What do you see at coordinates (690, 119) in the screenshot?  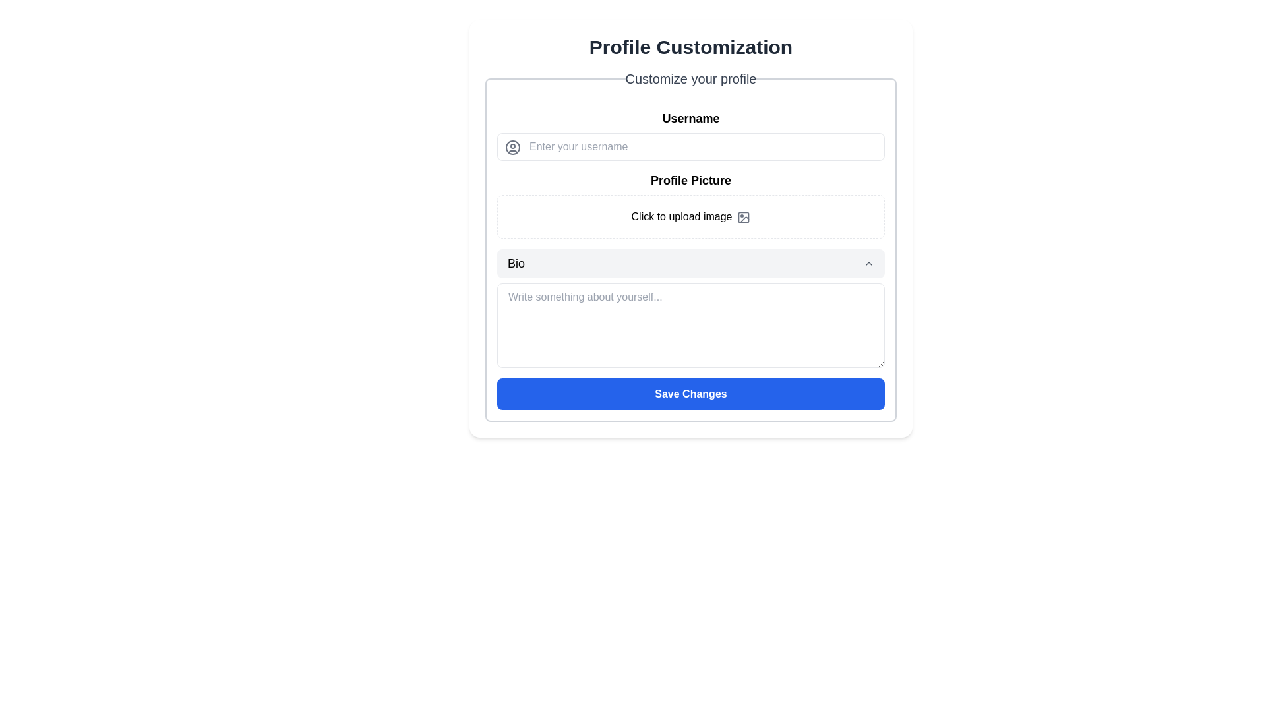 I see `the Text label indicating the username input field, which is positioned at the top of the form above the input field with the placeholder 'Enter your username'` at bounding box center [690, 119].